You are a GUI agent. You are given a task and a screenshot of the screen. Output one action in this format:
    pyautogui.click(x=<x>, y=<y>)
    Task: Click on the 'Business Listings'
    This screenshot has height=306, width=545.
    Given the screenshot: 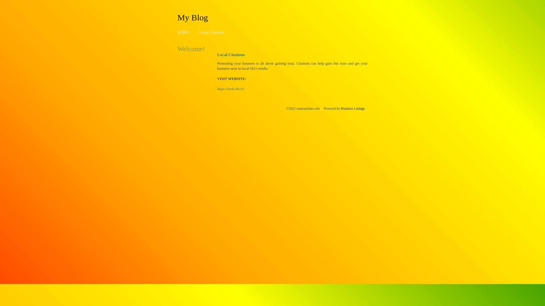 What is the action you would take?
    pyautogui.click(x=353, y=108)
    